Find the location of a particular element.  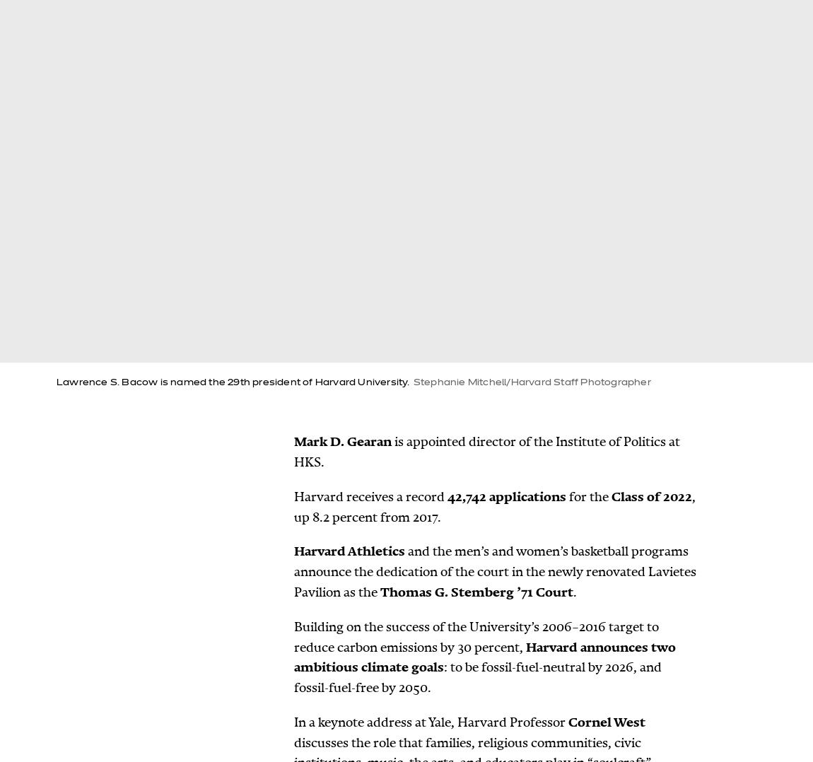

'Building on the success of the University’s 2006–2016 target to reduce carbon emissions by 30 percent,' is located at coordinates (476, 636).